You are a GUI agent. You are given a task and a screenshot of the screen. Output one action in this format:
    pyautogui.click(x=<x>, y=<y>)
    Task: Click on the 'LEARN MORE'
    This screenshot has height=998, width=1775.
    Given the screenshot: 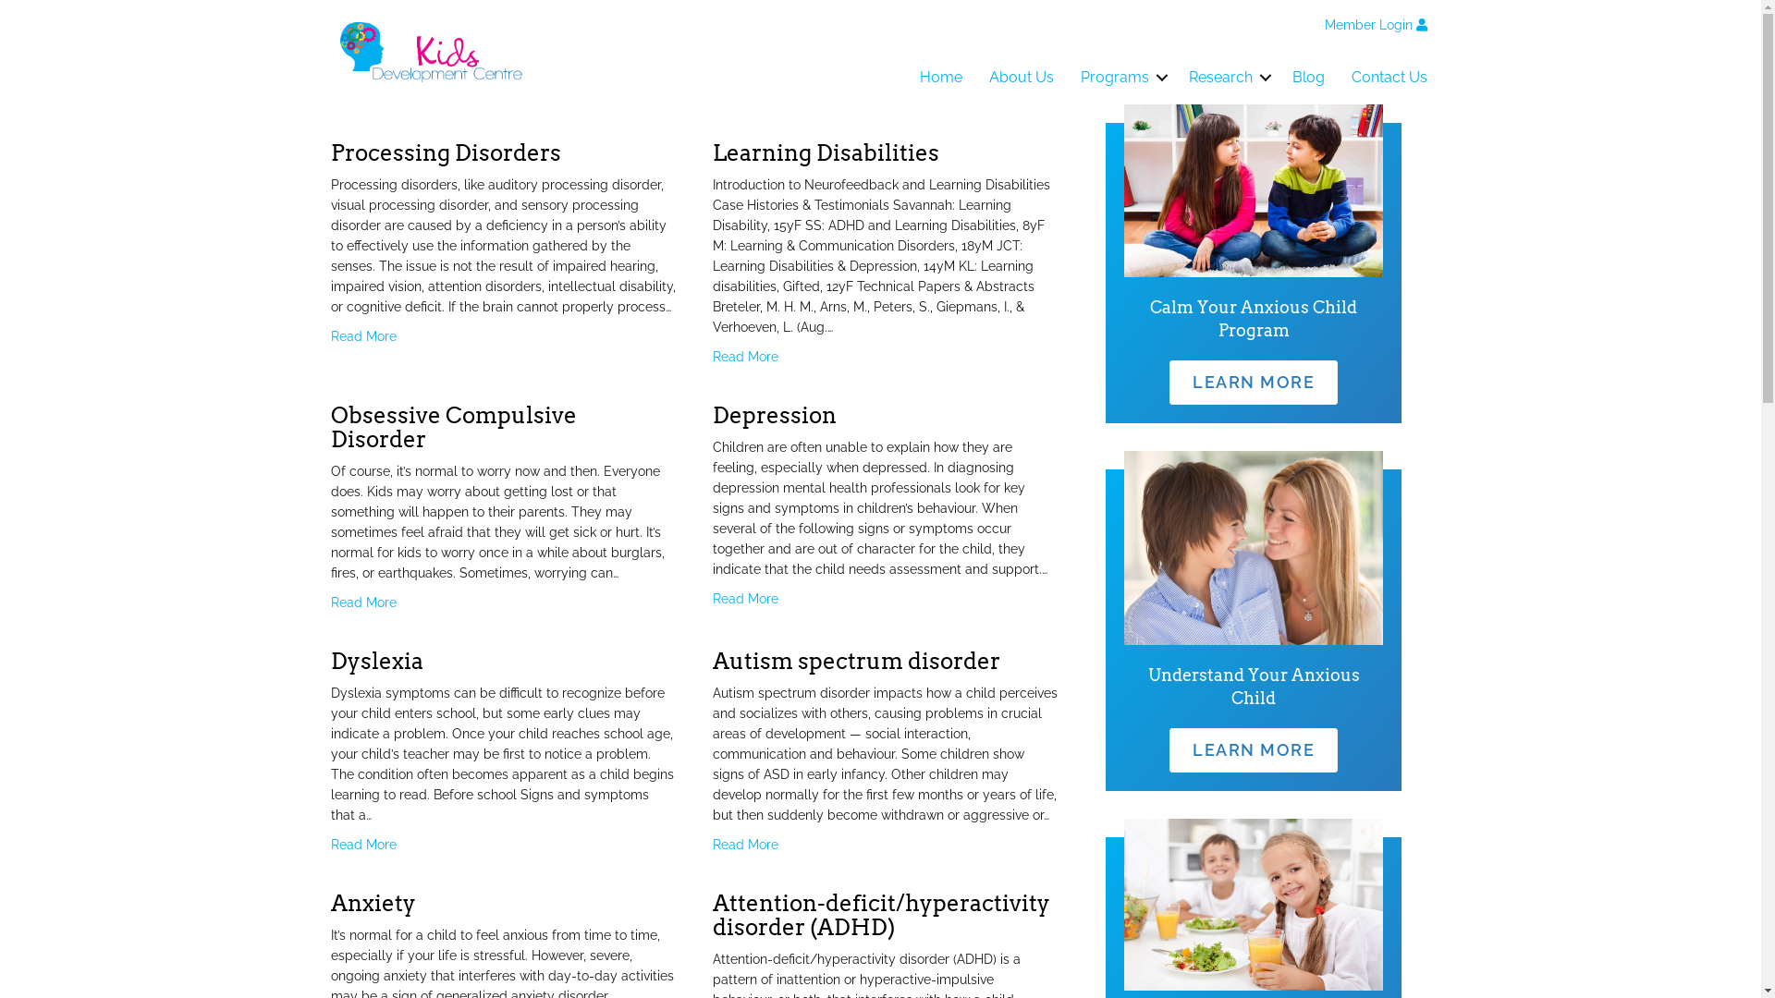 What is the action you would take?
    pyautogui.click(x=1254, y=381)
    